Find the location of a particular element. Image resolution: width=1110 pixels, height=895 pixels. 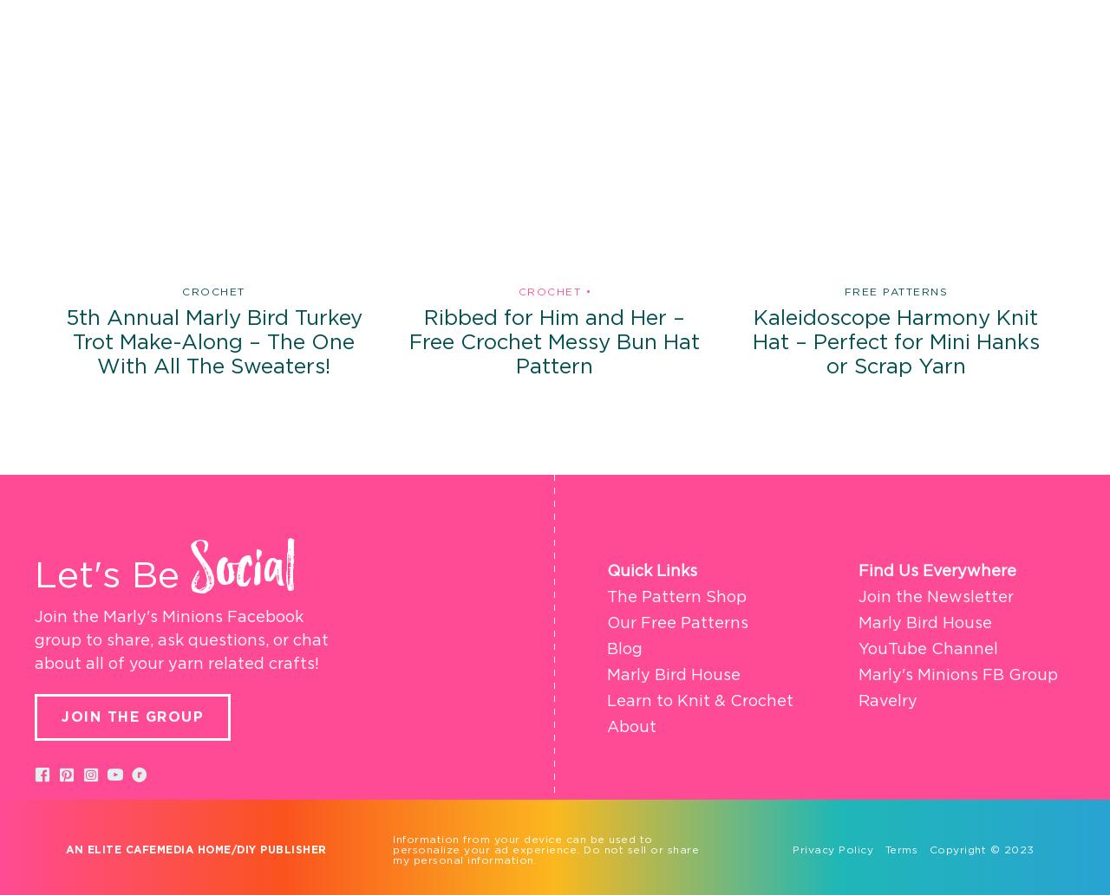

'Ribbed for Him and Her – Free Crochet Messy Bun Hat Pattern' is located at coordinates (408, 342).